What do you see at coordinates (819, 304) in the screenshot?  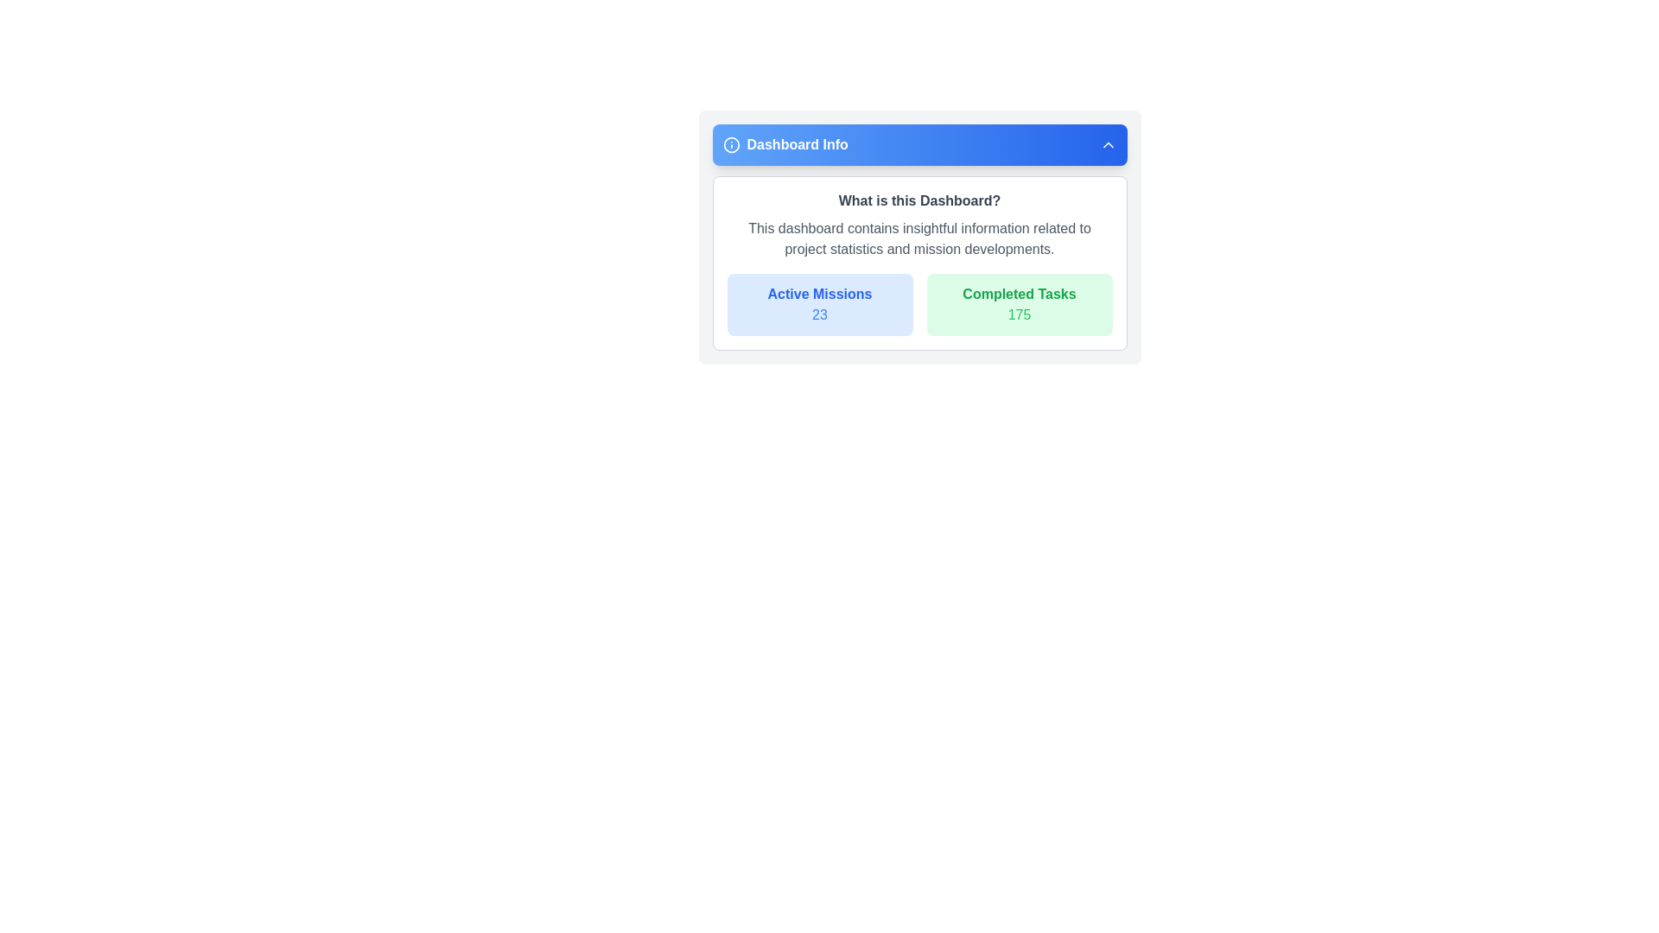 I see `the static informational display panel labeled 'Active Missions' which shows the current count of 23 related items` at bounding box center [819, 304].